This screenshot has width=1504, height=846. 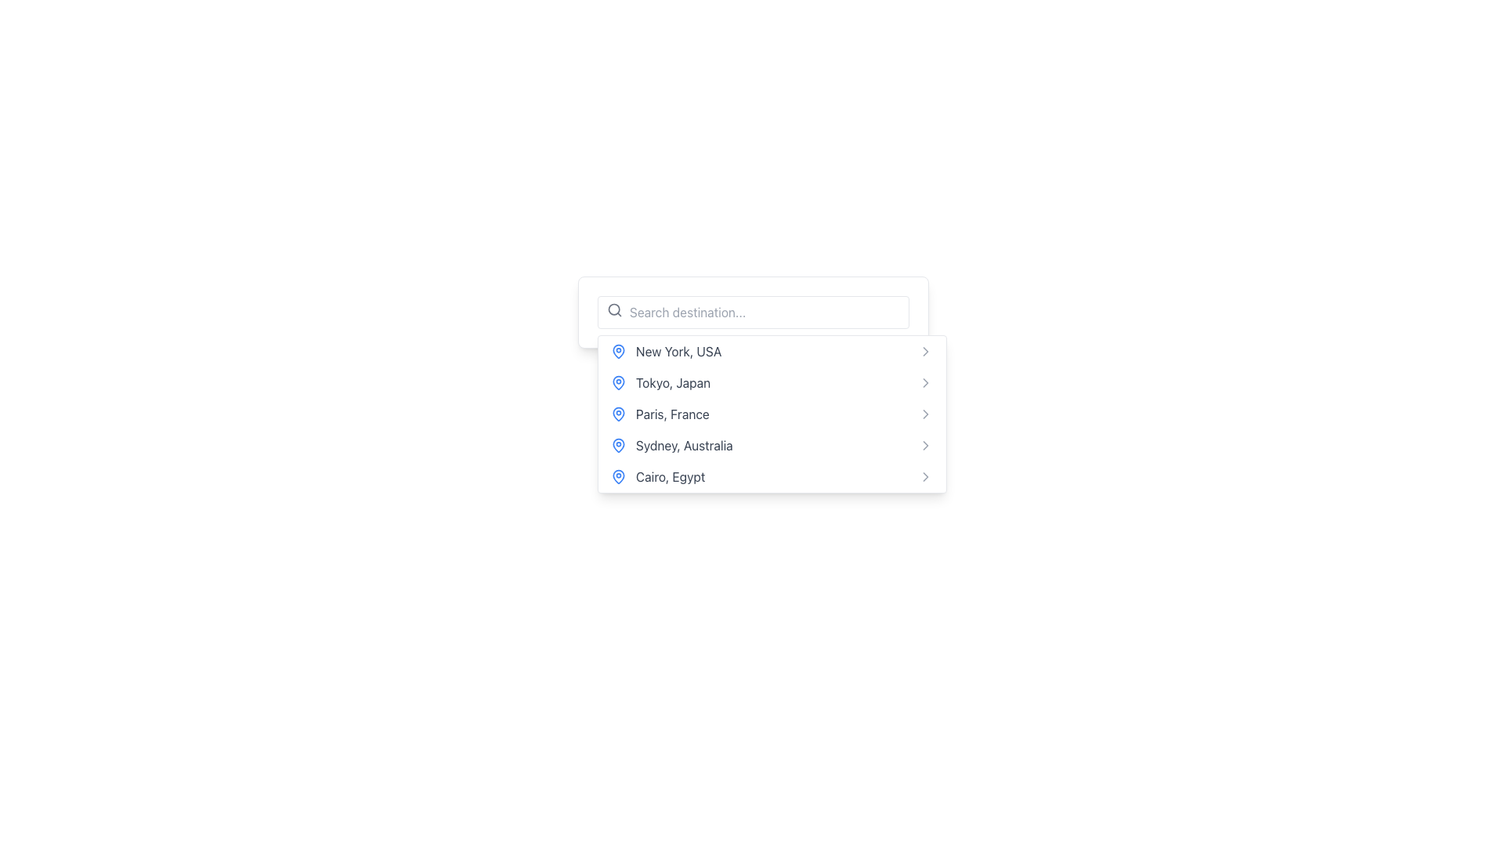 I want to click on the first location option in the dropdown menu beneath the search bar, so click(x=678, y=350).